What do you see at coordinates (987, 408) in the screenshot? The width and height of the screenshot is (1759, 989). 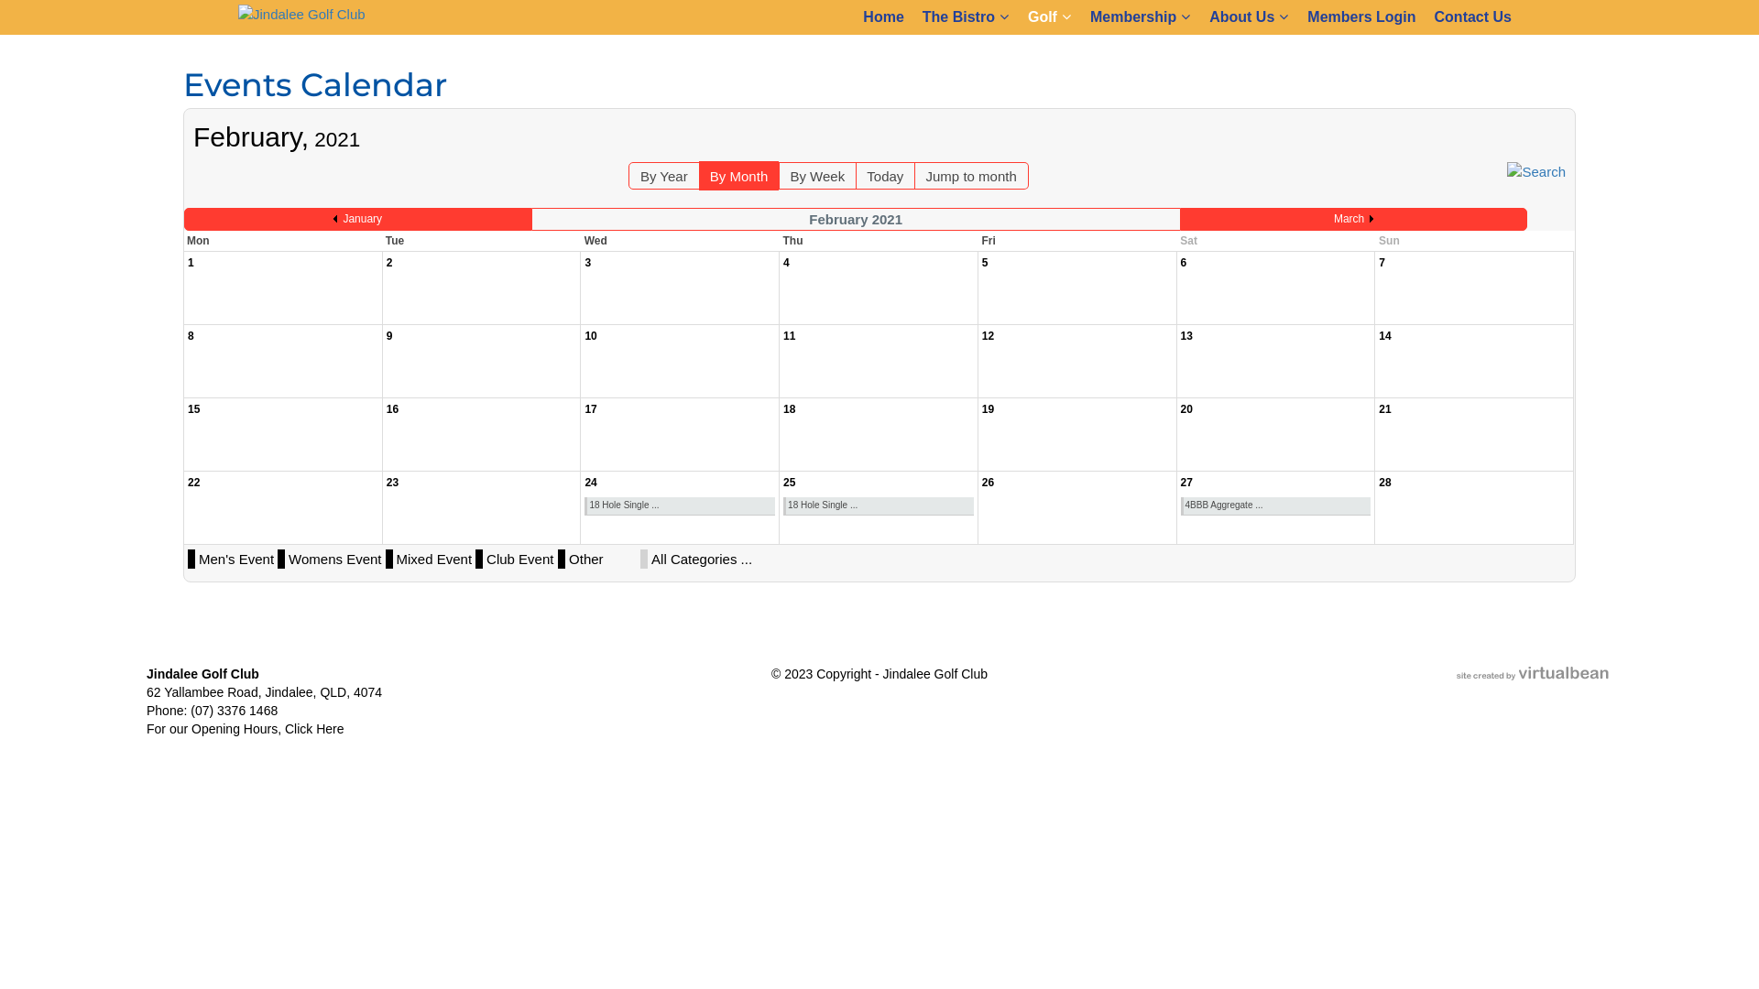 I see `'19'` at bounding box center [987, 408].